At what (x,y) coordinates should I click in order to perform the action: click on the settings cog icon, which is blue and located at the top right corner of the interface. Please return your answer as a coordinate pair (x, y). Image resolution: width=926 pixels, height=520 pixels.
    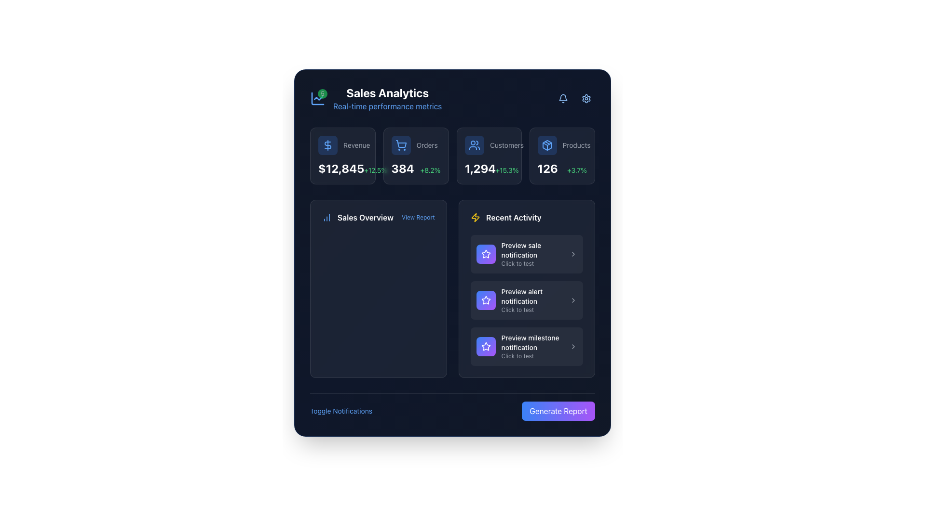
    Looking at the image, I should click on (586, 98).